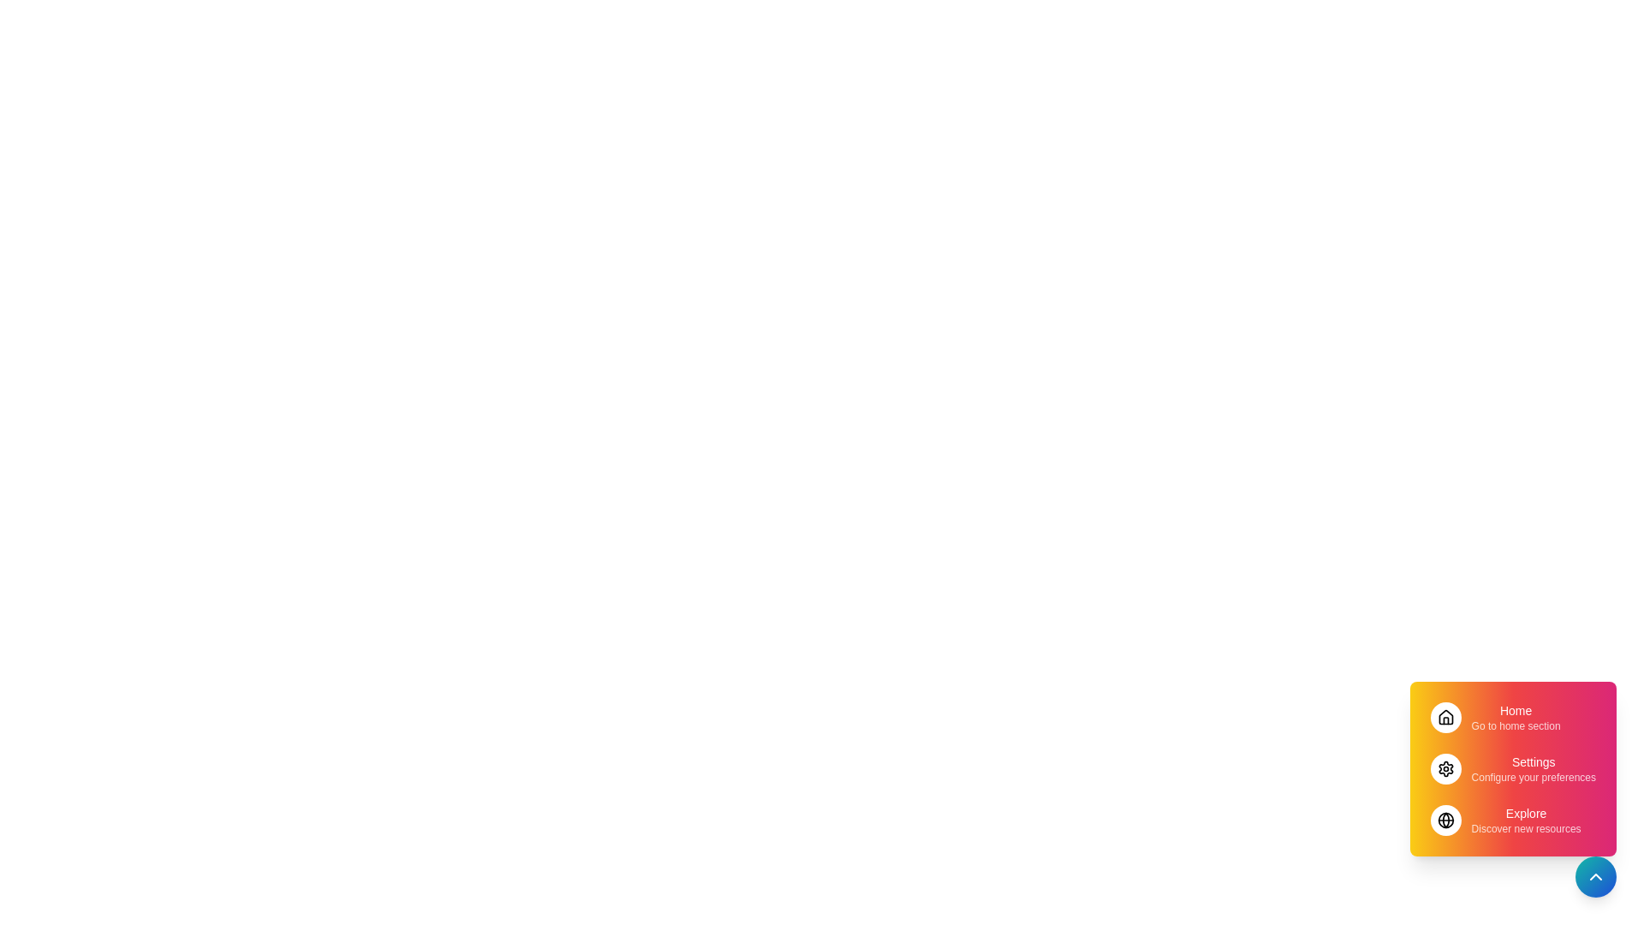 Image resolution: width=1644 pixels, height=925 pixels. What do you see at coordinates (1512, 819) in the screenshot?
I see `the menu item Explore to trigger its associated action` at bounding box center [1512, 819].